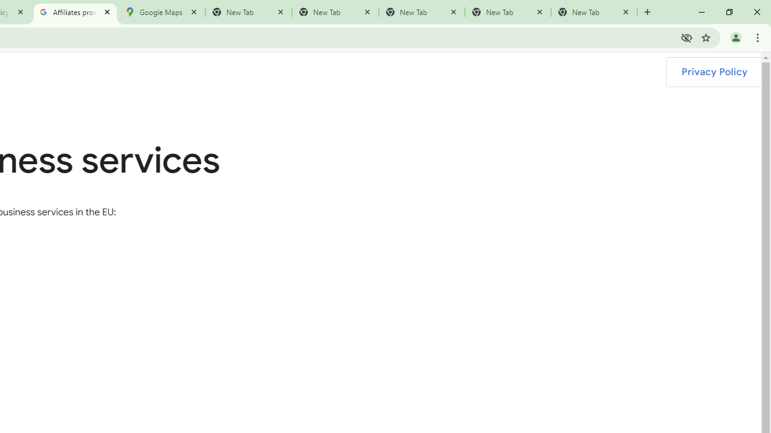 This screenshot has width=771, height=433. What do you see at coordinates (714, 72) in the screenshot?
I see `'Privacy Policy'` at bounding box center [714, 72].